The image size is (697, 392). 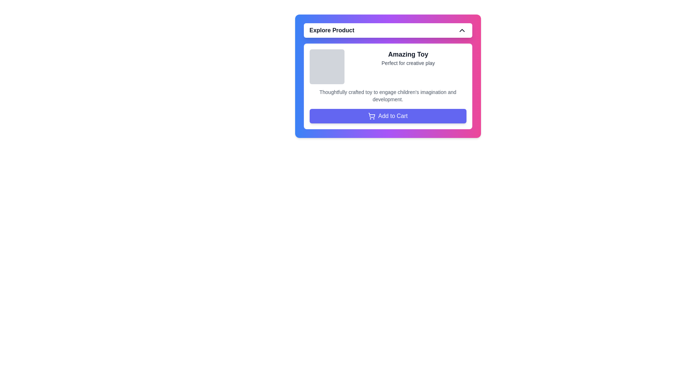 I want to click on the 'Add to Cart' icon located within the button, which visually represents the action of adding items to the cart, so click(x=372, y=115).